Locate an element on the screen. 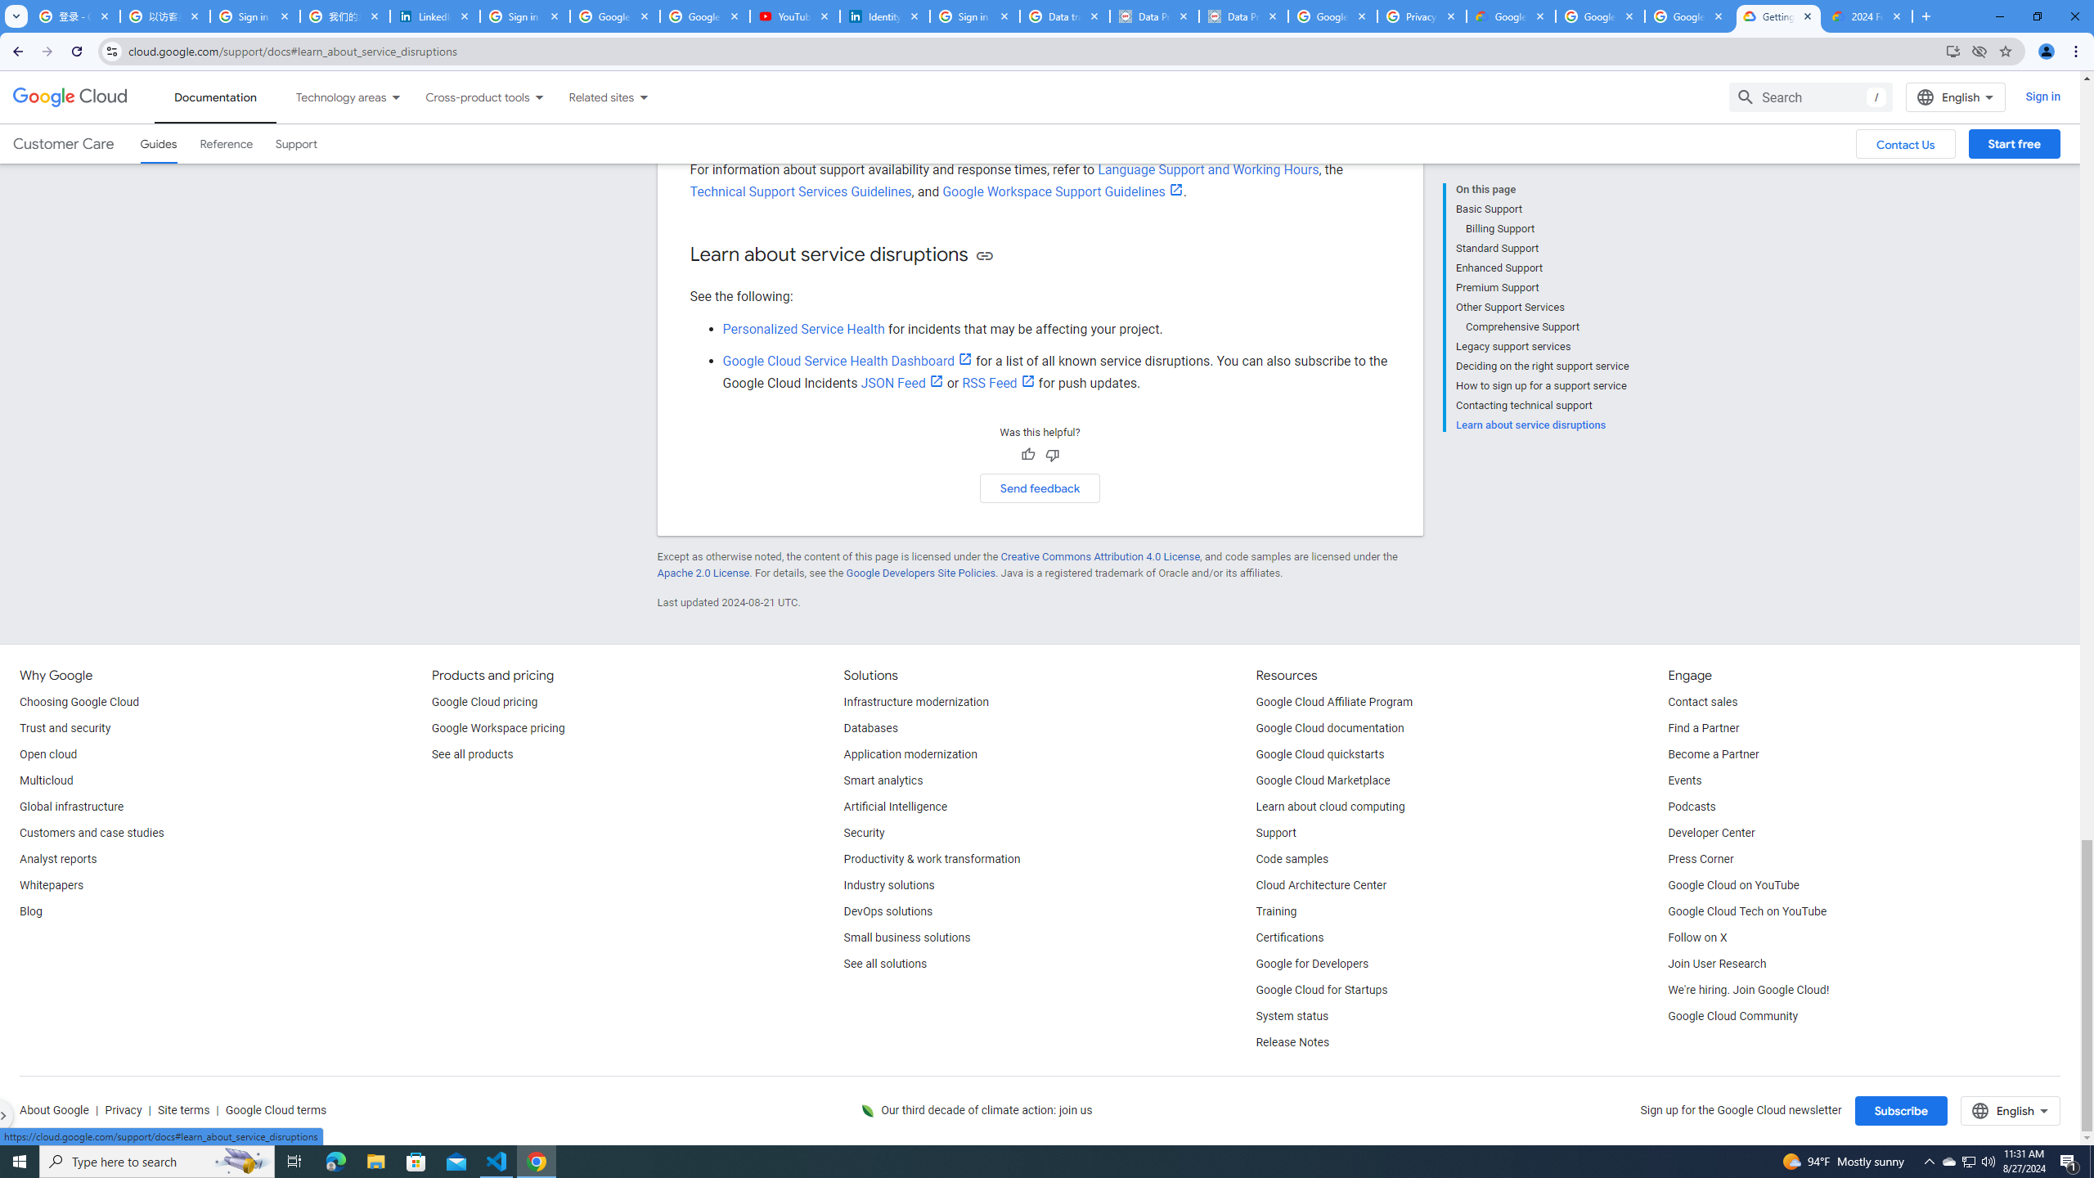 The image size is (2094, 1178). 'Standard Support' is located at coordinates (1541, 247).